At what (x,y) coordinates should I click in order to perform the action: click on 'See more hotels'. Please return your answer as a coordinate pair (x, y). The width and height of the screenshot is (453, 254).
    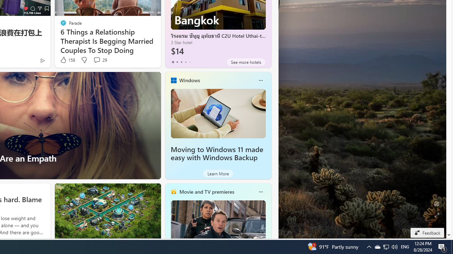
    Looking at the image, I should click on (246, 62).